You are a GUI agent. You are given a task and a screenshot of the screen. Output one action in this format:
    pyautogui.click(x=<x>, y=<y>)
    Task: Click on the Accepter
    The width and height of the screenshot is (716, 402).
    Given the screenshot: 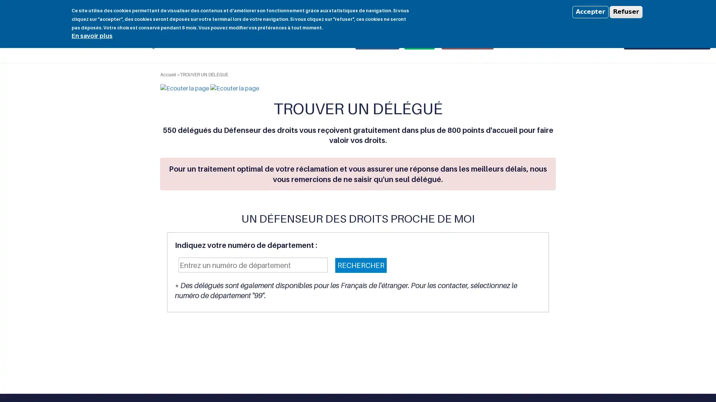 What is the action you would take?
    pyautogui.click(x=590, y=12)
    